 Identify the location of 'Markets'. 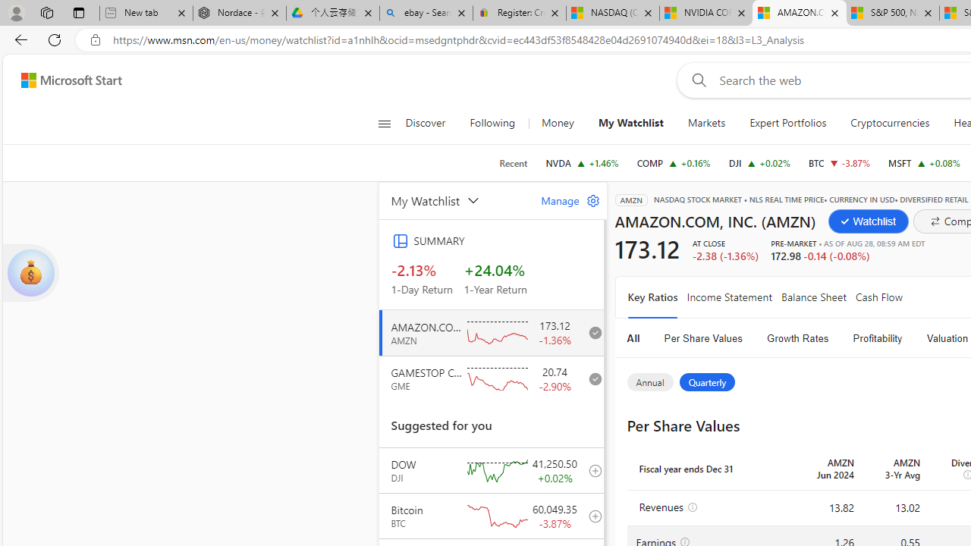
(705, 123).